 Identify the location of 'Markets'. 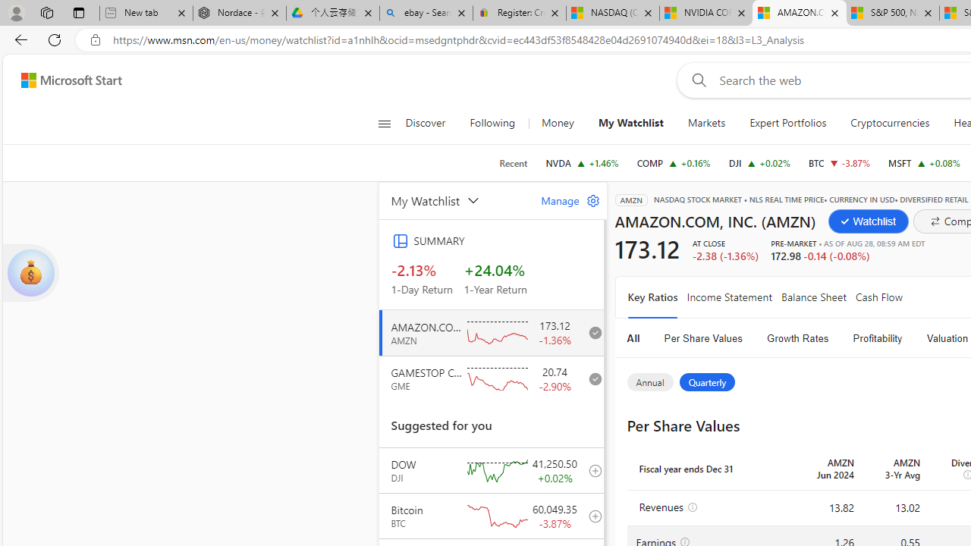
(705, 123).